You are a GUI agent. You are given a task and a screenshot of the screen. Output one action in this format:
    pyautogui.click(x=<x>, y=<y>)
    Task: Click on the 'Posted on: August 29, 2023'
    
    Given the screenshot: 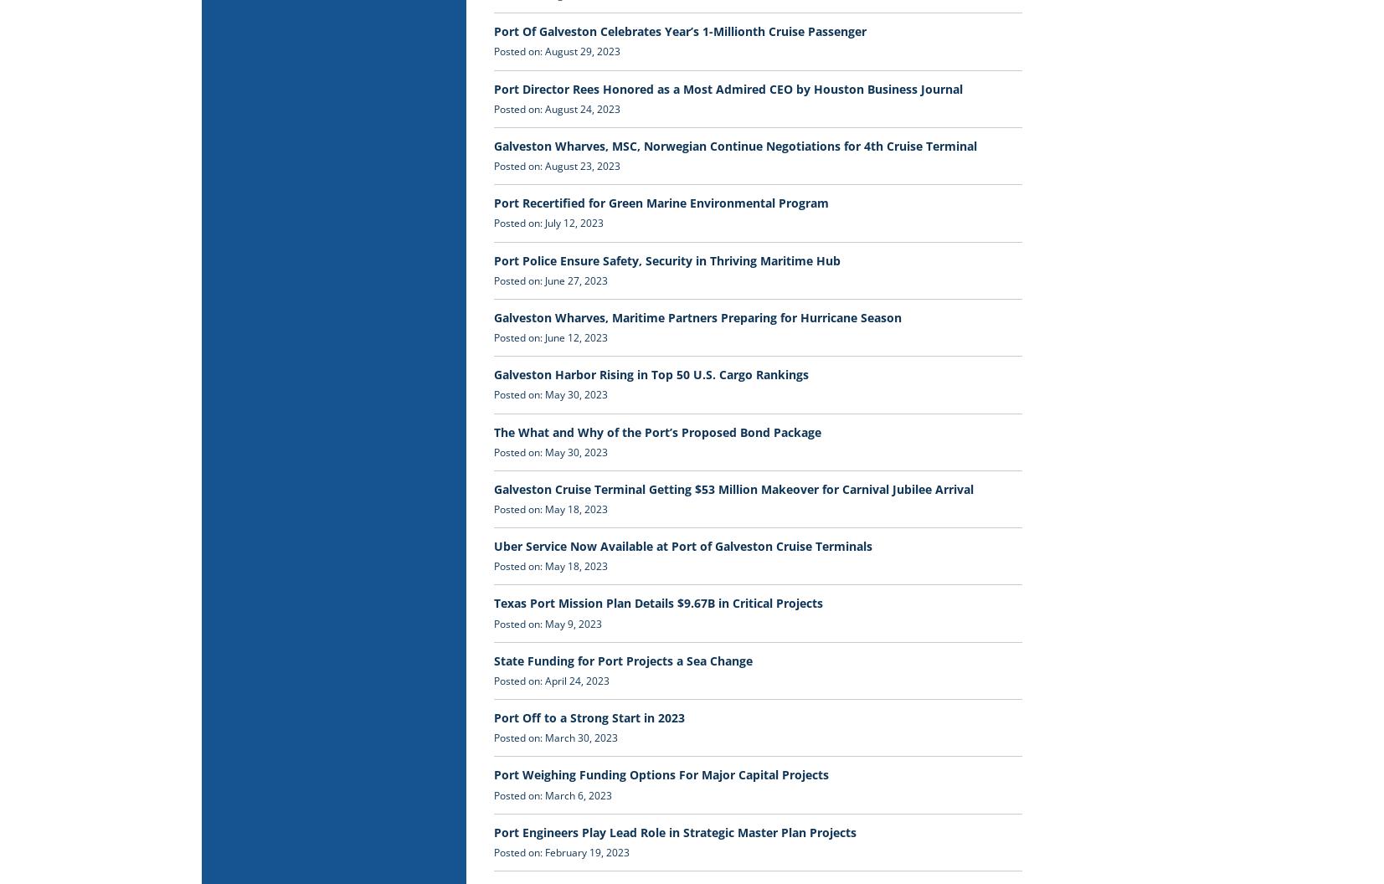 What is the action you would take?
    pyautogui.click(x=556, y=51)
    